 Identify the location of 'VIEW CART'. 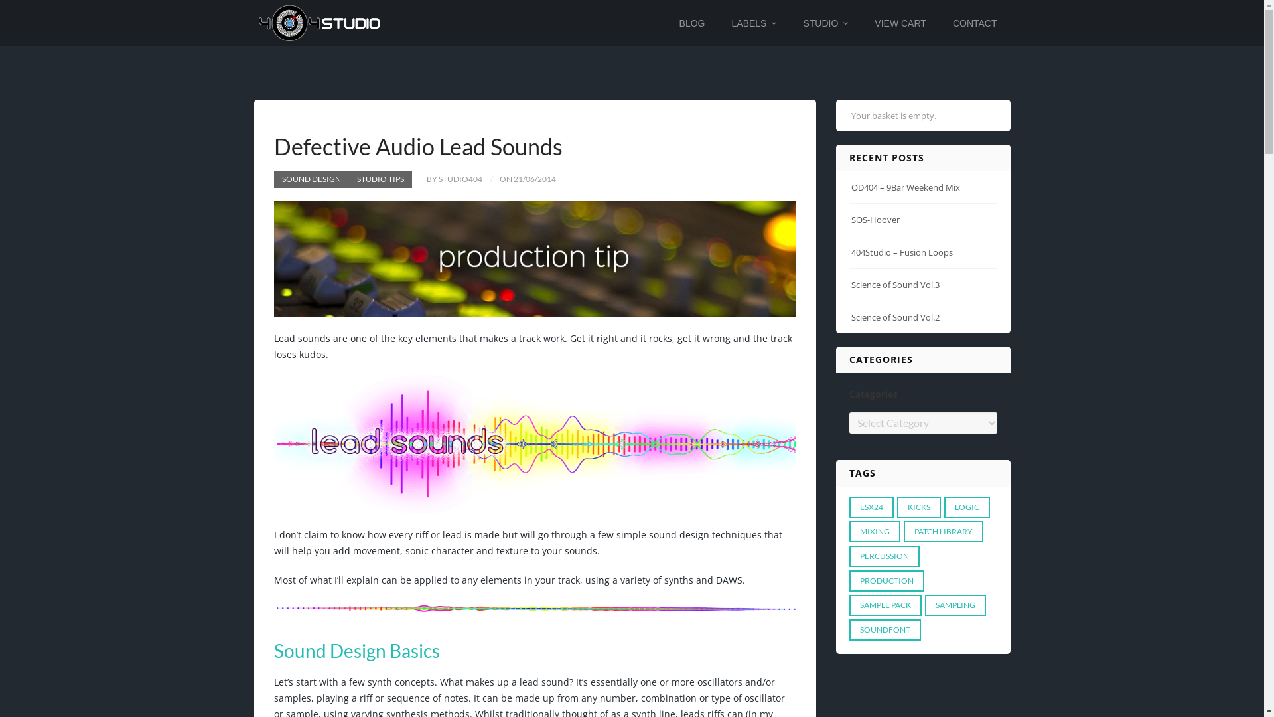
(900, 23).